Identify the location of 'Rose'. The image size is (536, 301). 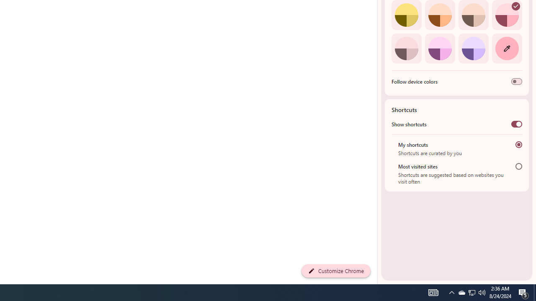
(506, 15).